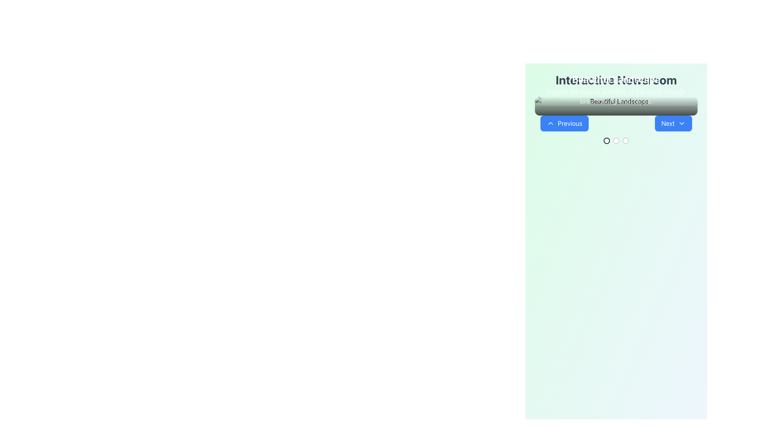 This screenshot has width=758, height=426. What do you see at coordinates (615, 80) in the screenshot?
I see `the text component displaying 'Interactive Newsroom' in bold, large font, styled with gray color (#gray-700), which is centered in the upper section of the interface` at bounding box center [615, 80].